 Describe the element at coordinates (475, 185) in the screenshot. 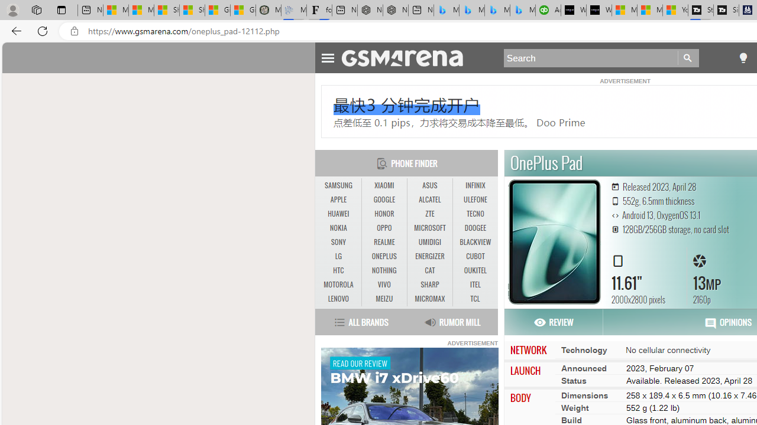

I see `'INFINIX'` at that location.